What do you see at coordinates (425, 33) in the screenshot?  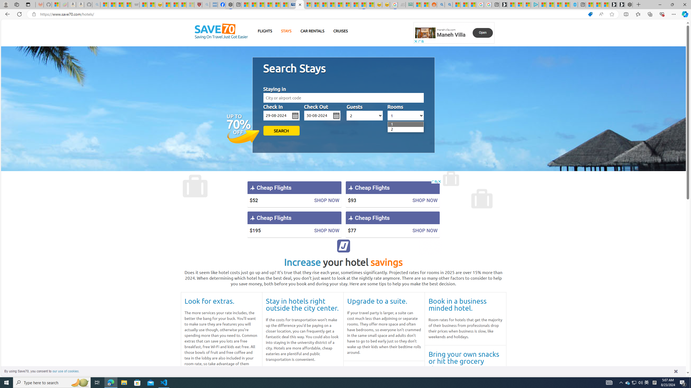 I see `'Class: ns-pn6gp-e-16 svg-anchor'` at bounding box center [425, 33].